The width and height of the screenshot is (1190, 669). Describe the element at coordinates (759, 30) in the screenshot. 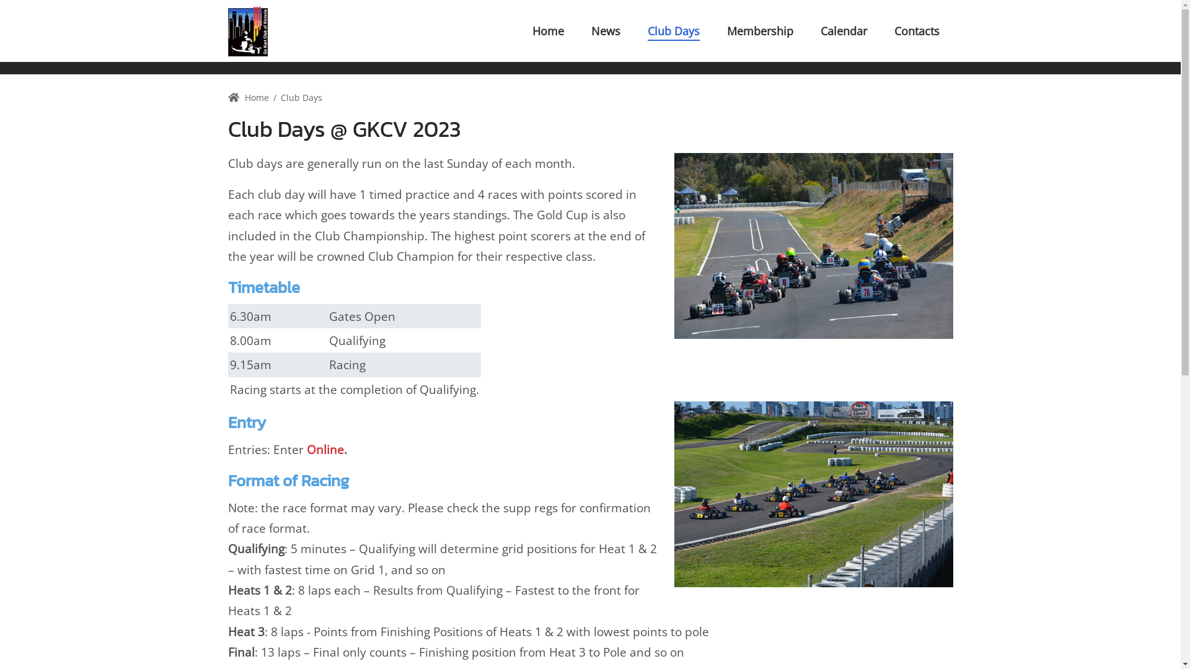

I see `'Membership'` at that location.